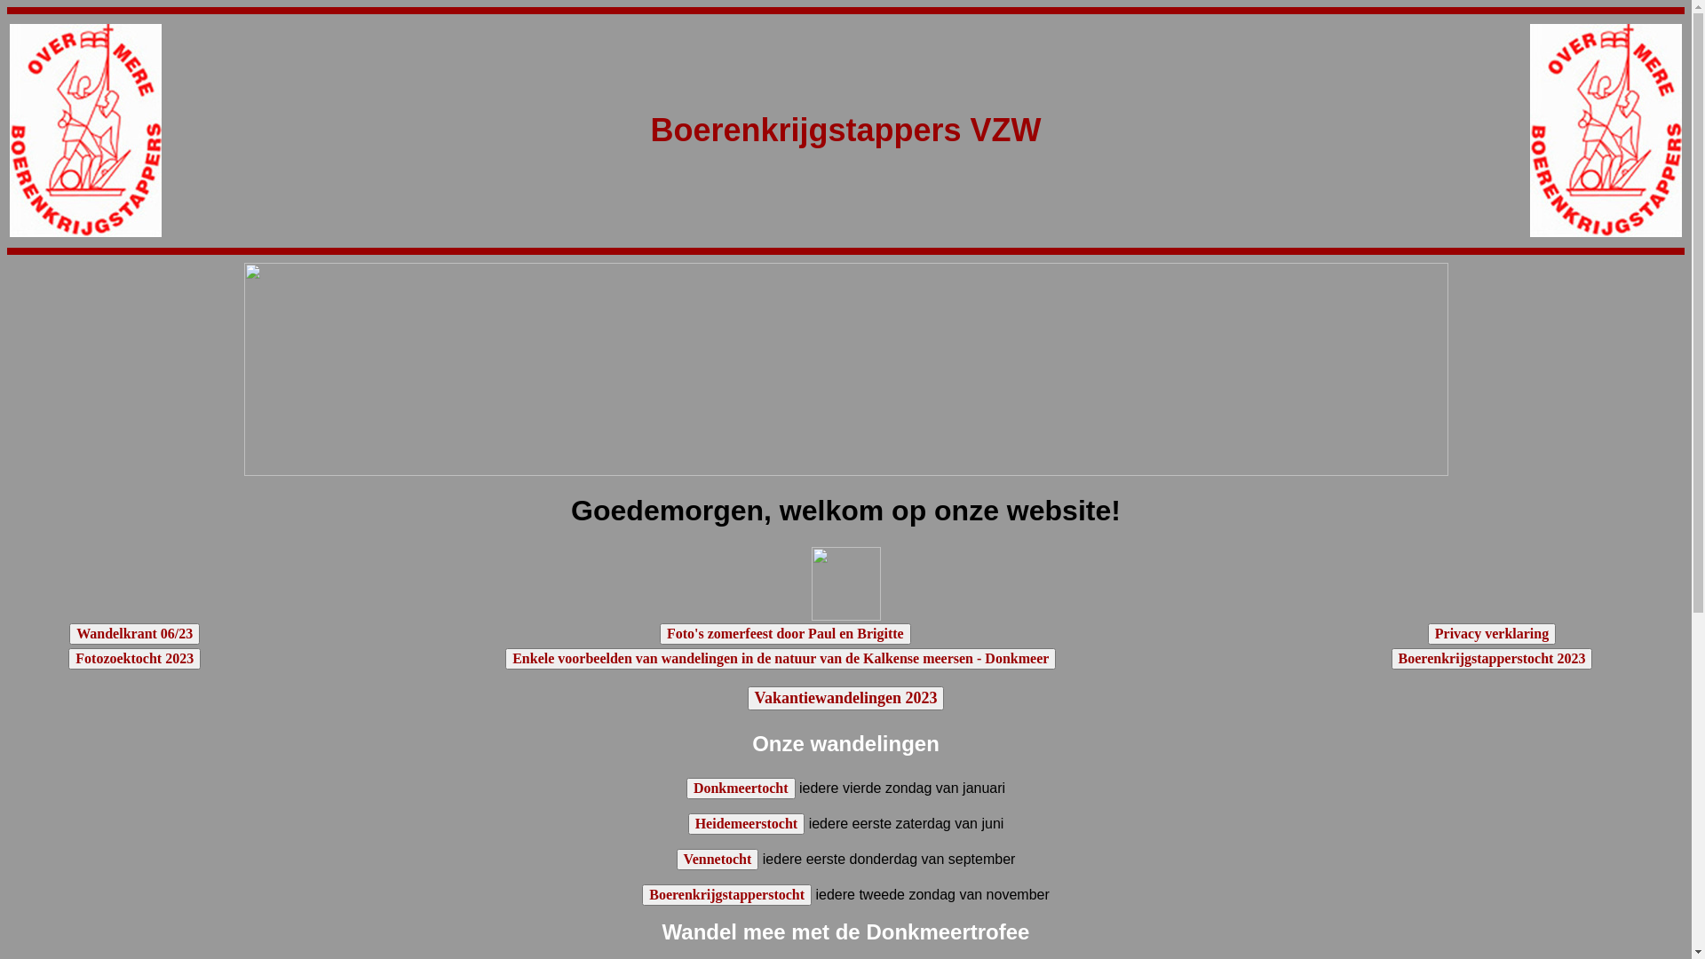 The width and height of the screenshot is (1705, 959). What do you see at coordinates (726, 894) in the screenshot?
I see `'Boerenkrijgstapperstocht'` at bounding box center [726, 894].